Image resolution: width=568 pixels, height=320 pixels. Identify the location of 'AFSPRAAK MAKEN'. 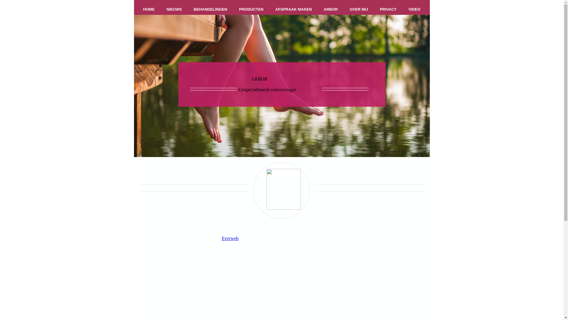
(294, 9).